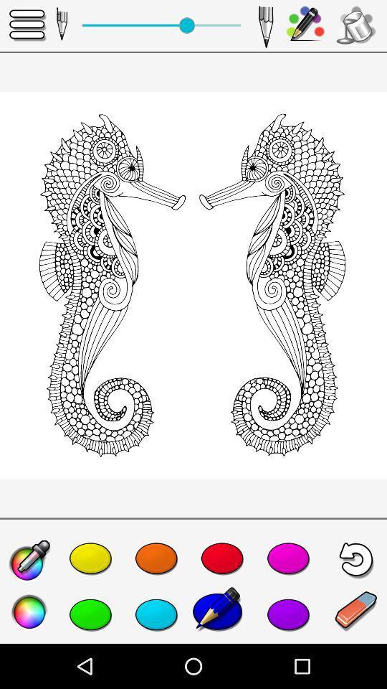 Image resolution: width=387 pixels, height=689 pixels. I want to click on the favorite icon, so click(222, 557).